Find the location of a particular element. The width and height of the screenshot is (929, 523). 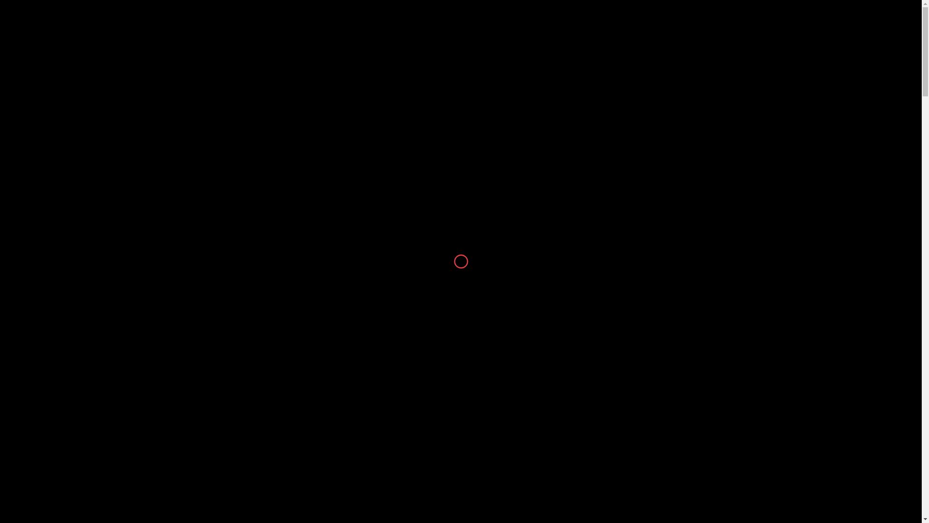

'VOGUESULTANA' is located at coordinates (471, 32).